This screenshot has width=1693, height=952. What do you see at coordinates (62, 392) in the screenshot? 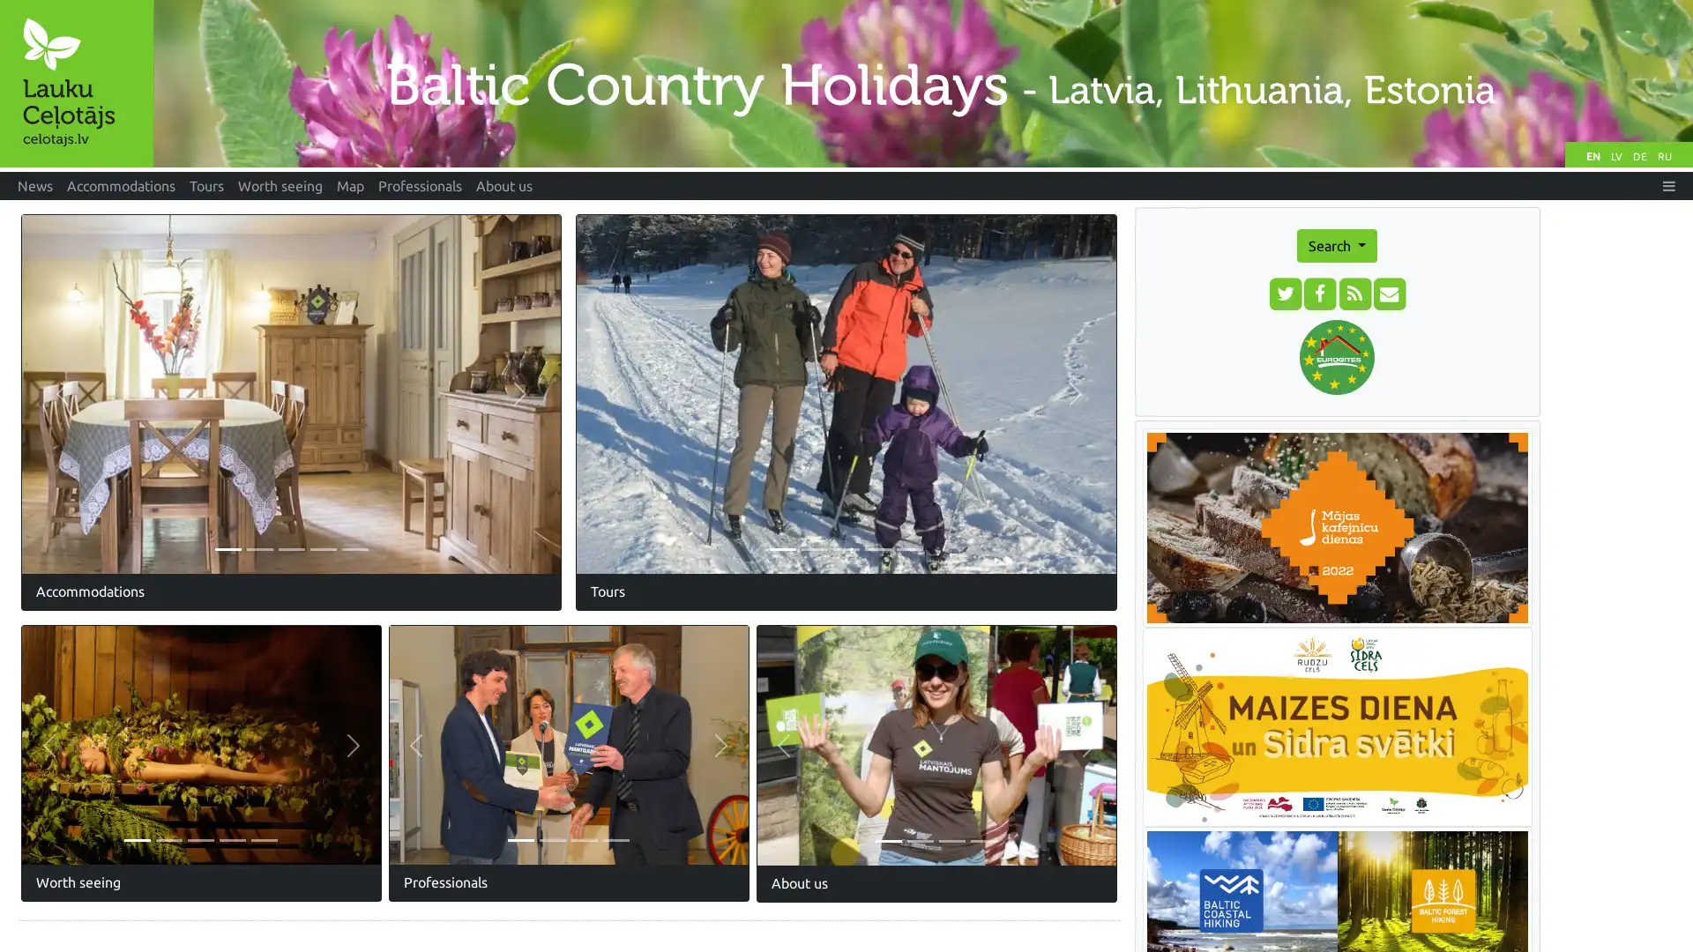
I see `Previous` at bounding box center [62, 392].